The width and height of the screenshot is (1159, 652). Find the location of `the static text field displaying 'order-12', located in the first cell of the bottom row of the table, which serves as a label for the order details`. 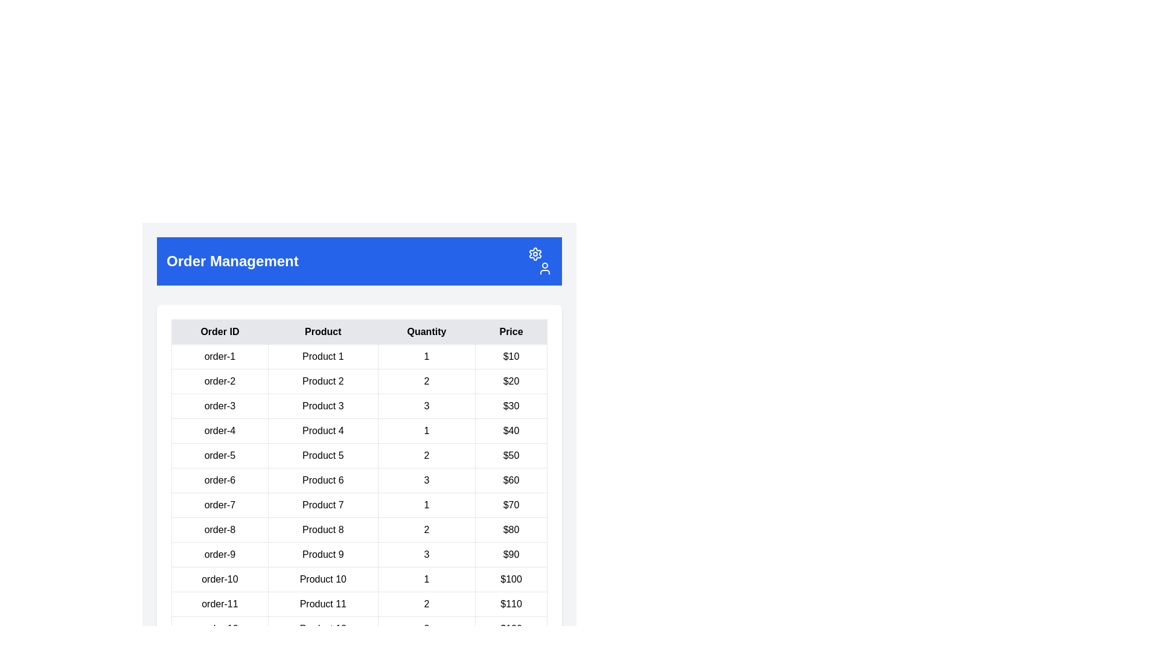

the static text field displaying 'order-12', located in the first cell of the bottom row of the table, which serves as a label for the order details is located at coordinates (220, 628).